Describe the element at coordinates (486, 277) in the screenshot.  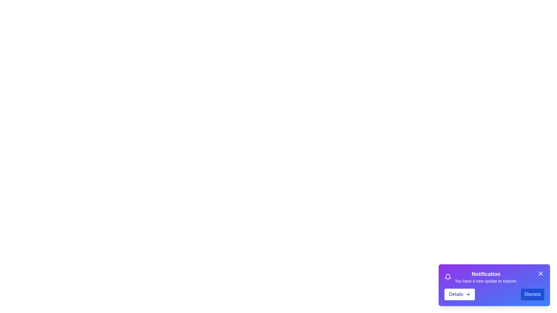
I see `notification text block that displays 'Notification' and 'You have a new update to explore.' positioned within a purple notification box on the right side of the notification panel` at that location.